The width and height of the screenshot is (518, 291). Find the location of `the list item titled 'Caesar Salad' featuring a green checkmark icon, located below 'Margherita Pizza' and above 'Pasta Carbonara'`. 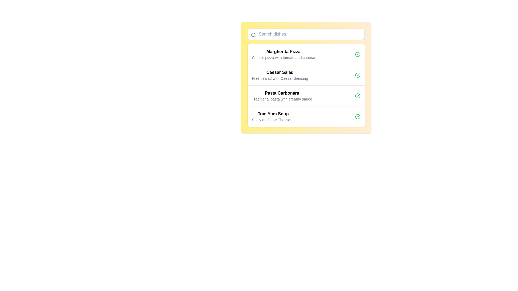

the list item titled 'Caesar Salad' featuring a green checkmark icon, located below 'Margherita Pizza' and above 'Pasta Carbonara' is located at coordinates (306, 75).